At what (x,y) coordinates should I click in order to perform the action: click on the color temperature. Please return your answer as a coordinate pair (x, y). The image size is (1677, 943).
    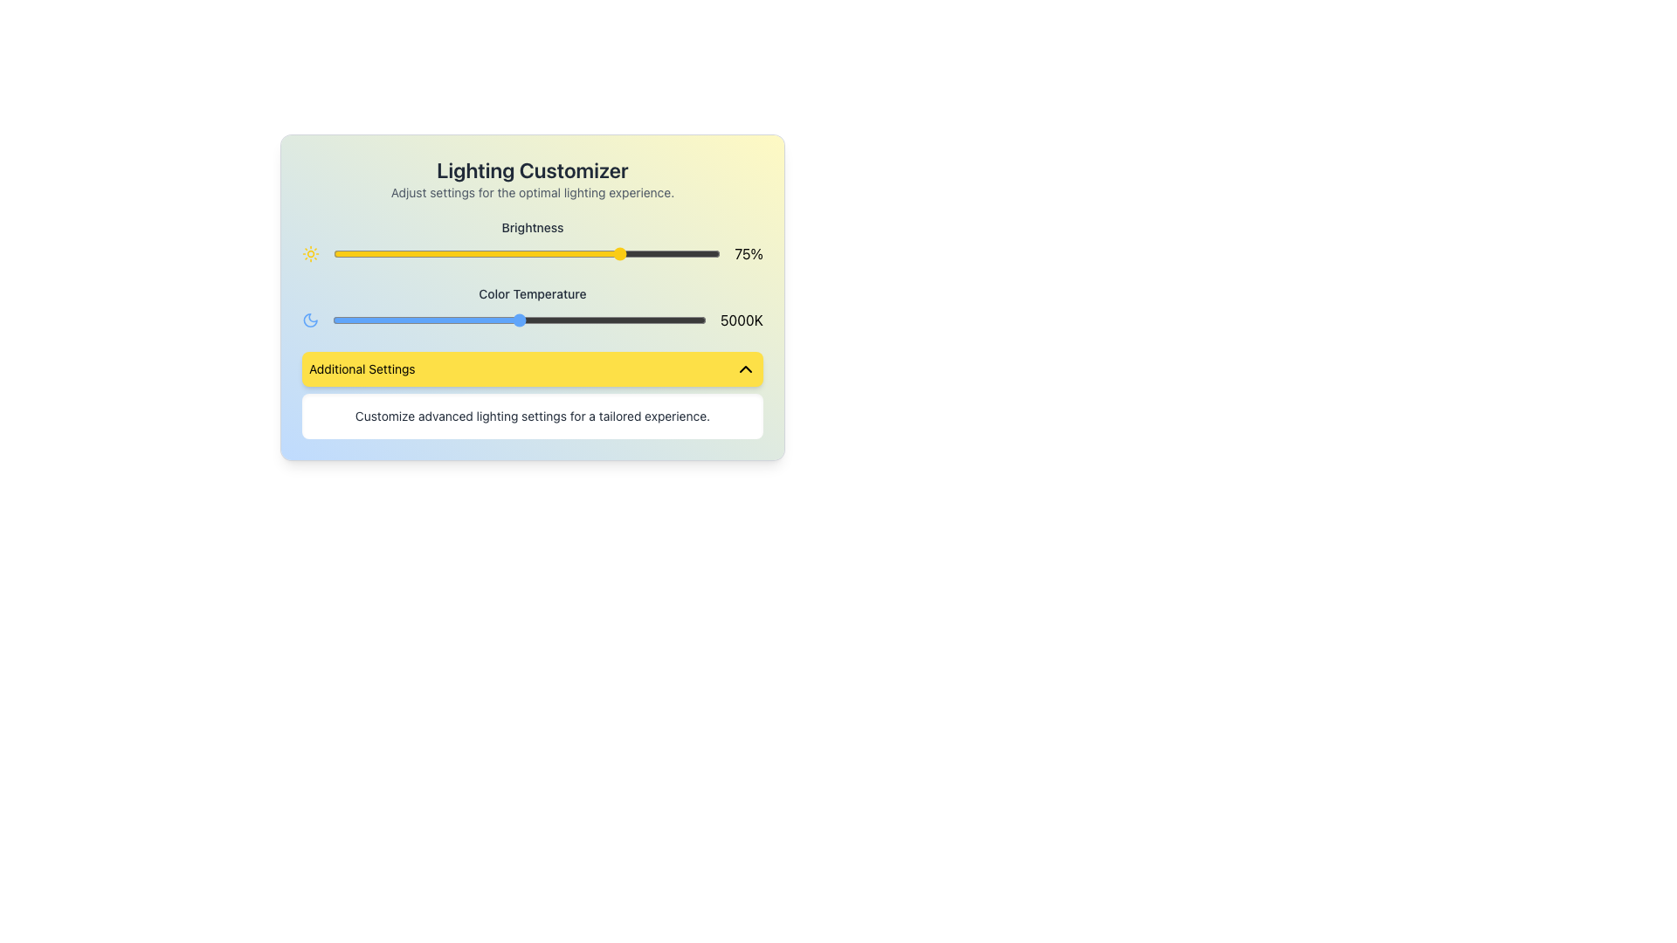
    Looking at the image, I should click on (704, 320).